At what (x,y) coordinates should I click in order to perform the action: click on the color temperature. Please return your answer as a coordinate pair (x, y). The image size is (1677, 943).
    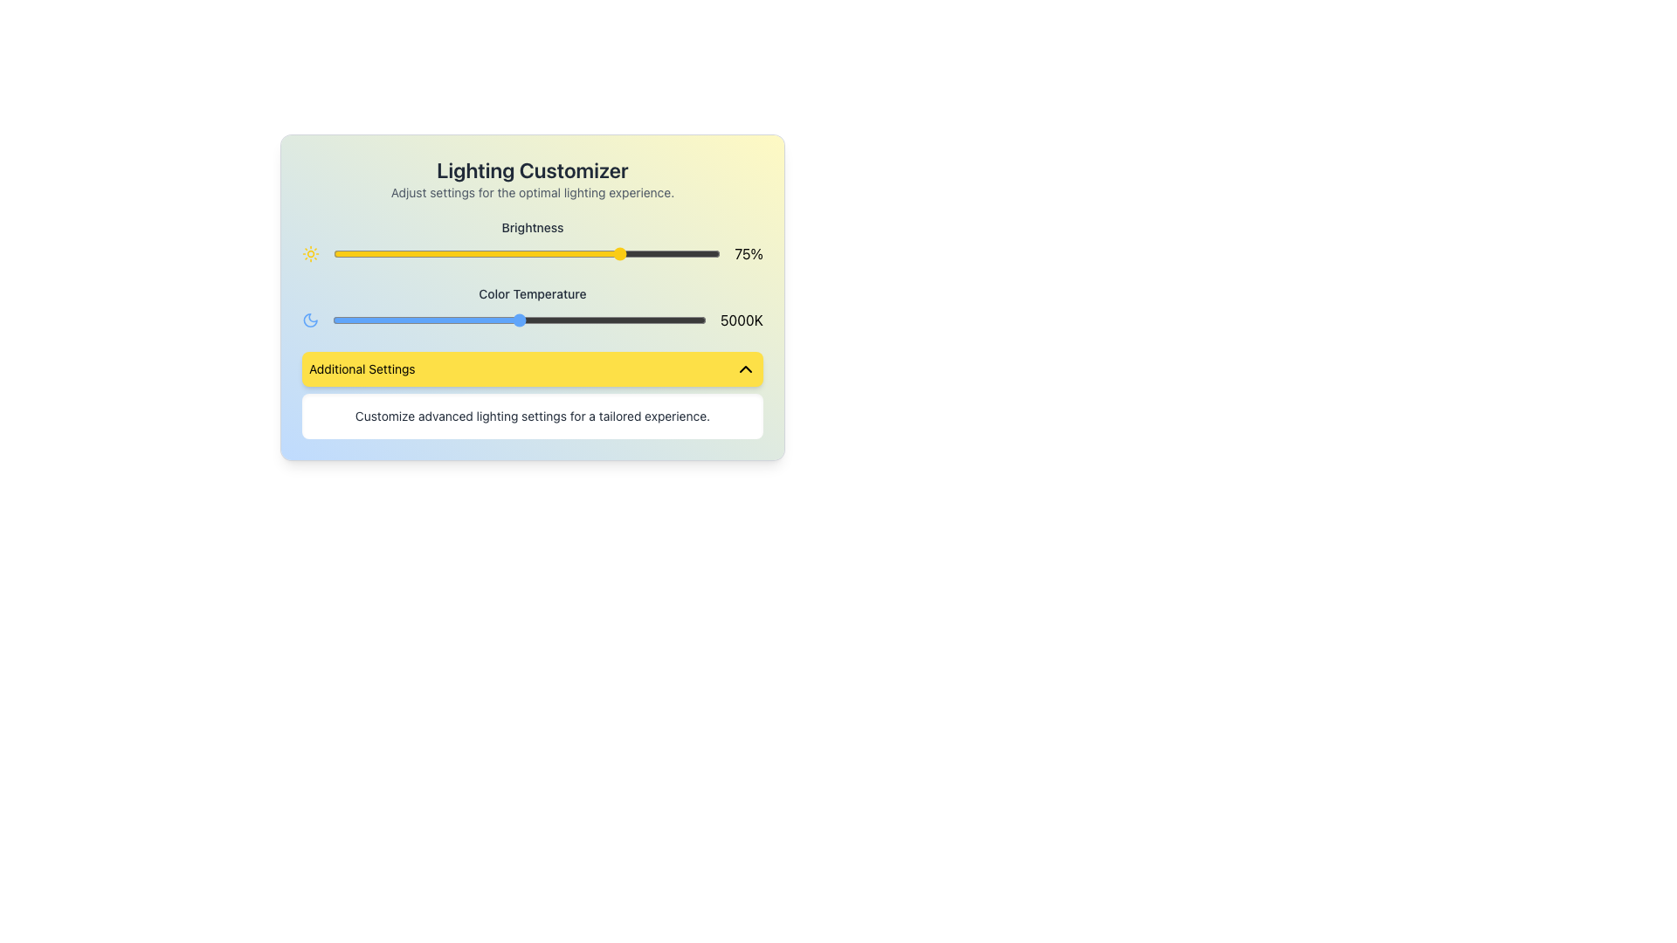
    Looking at the image, I should click on (704, 320).